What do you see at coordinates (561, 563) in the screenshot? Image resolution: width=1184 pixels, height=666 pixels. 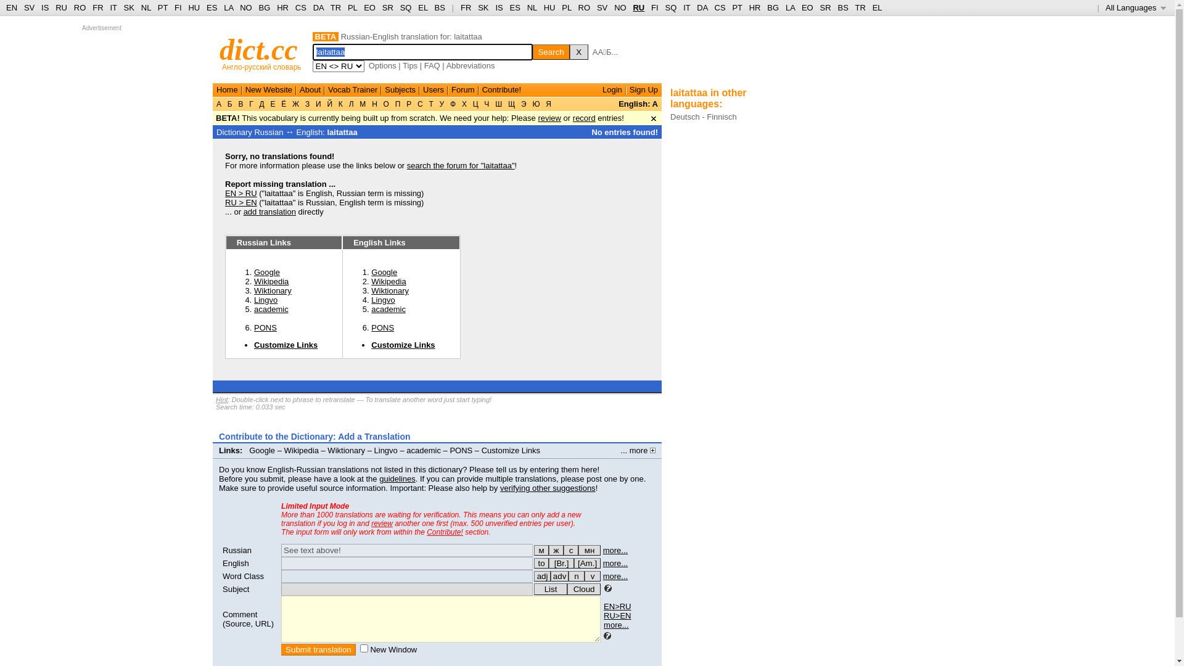 I see `'(esp.) British English'` at bounding box center [561, 563].